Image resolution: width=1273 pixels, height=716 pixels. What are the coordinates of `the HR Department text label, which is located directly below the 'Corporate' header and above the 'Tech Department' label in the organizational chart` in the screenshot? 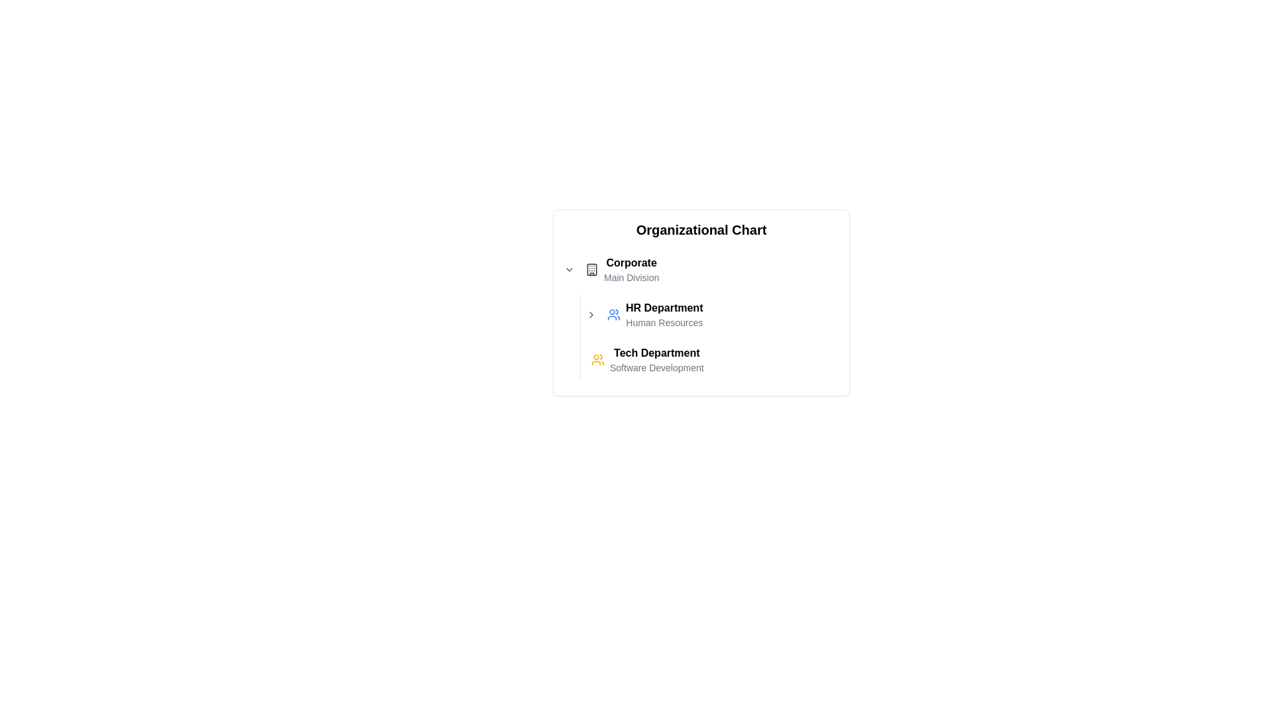 It's located at (664, 314).